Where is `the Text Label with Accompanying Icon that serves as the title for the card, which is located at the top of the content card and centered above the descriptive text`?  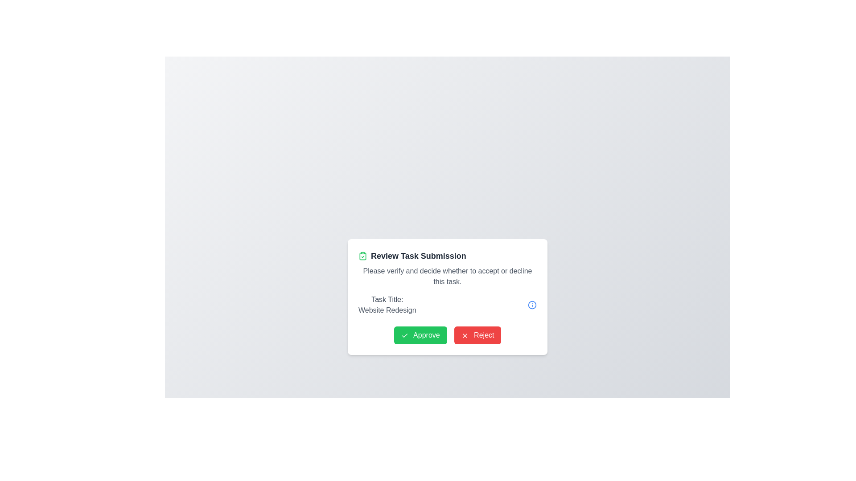 the Text Label with Accompanying Icon that serves as the title for the card, which is located at the top of the content card and centered above the descriptive text is located at coordinates (447, 256).